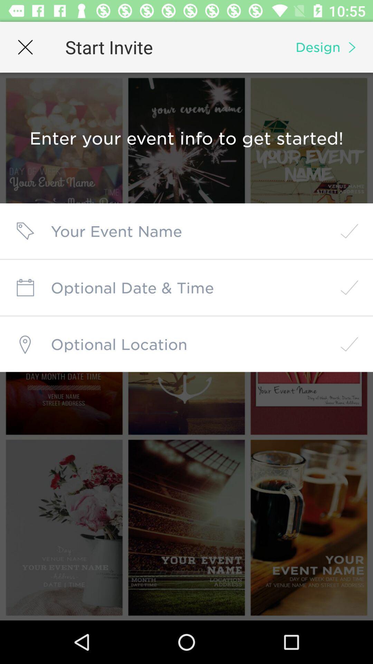  Describe the element at coordinates (186, 344) in the screenshot. I see `share location` at that location.